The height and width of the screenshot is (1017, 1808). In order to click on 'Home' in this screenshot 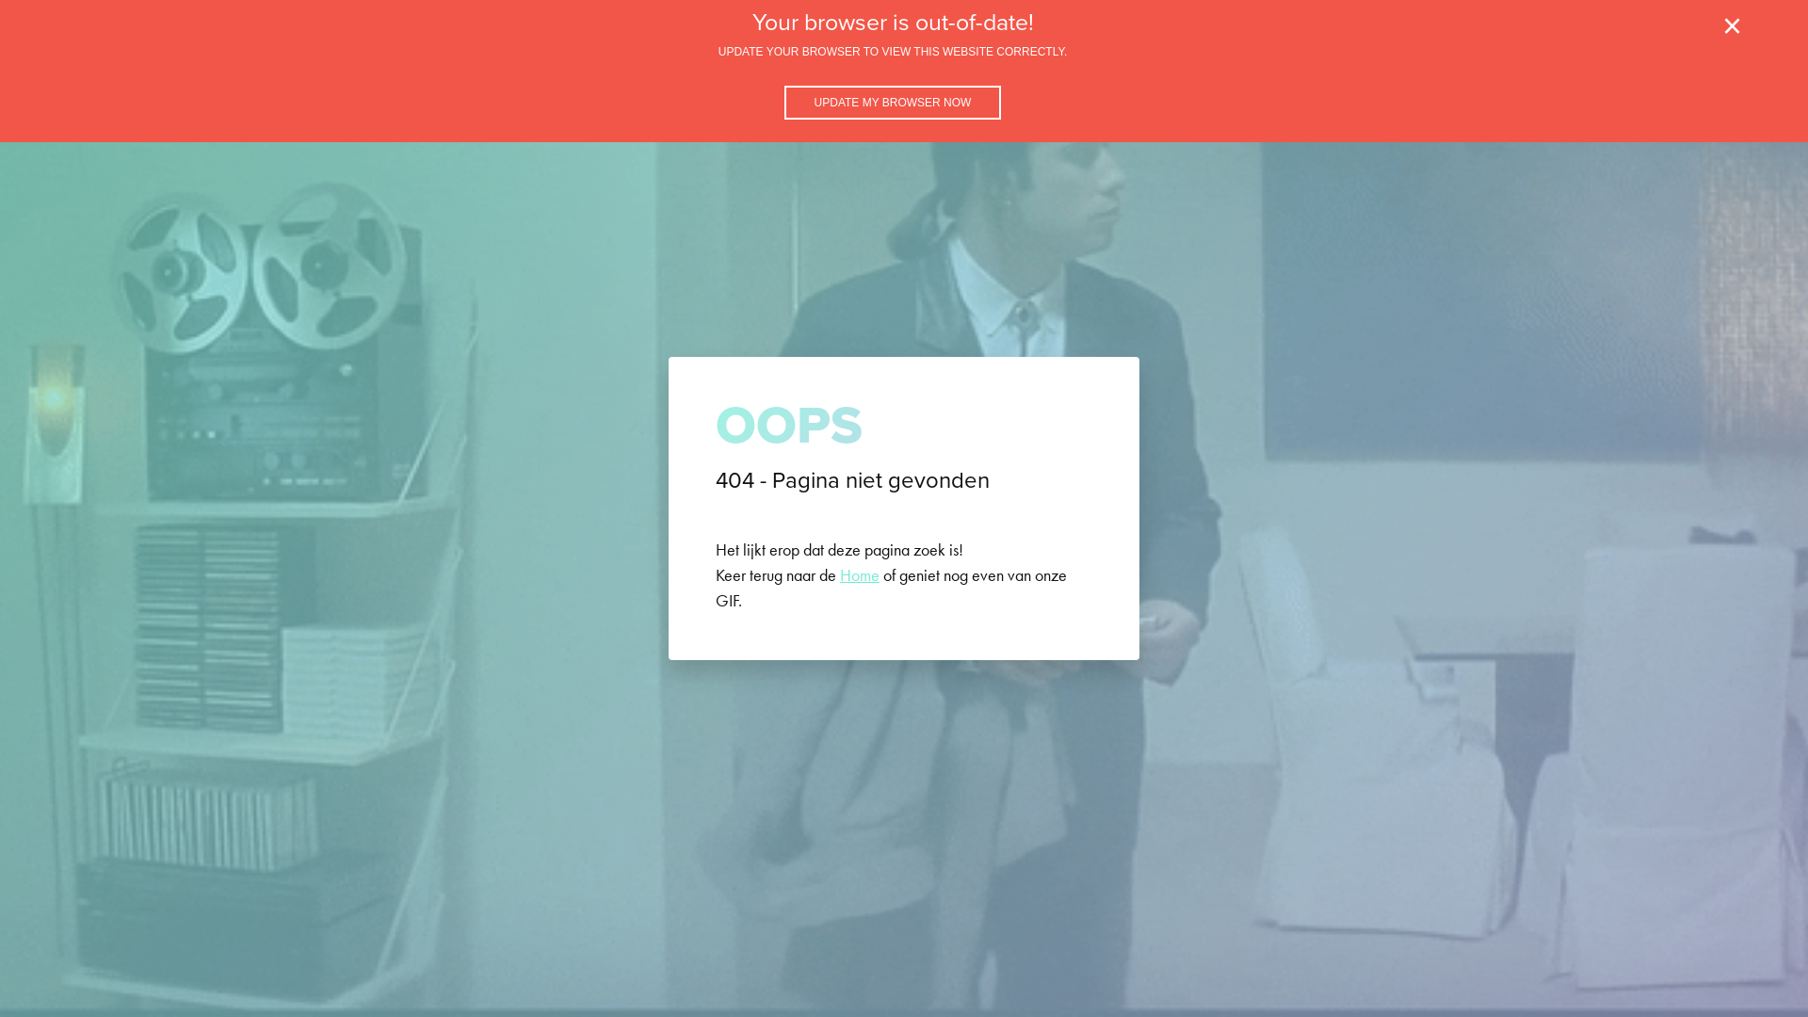, I will do `click(839, 573)`.